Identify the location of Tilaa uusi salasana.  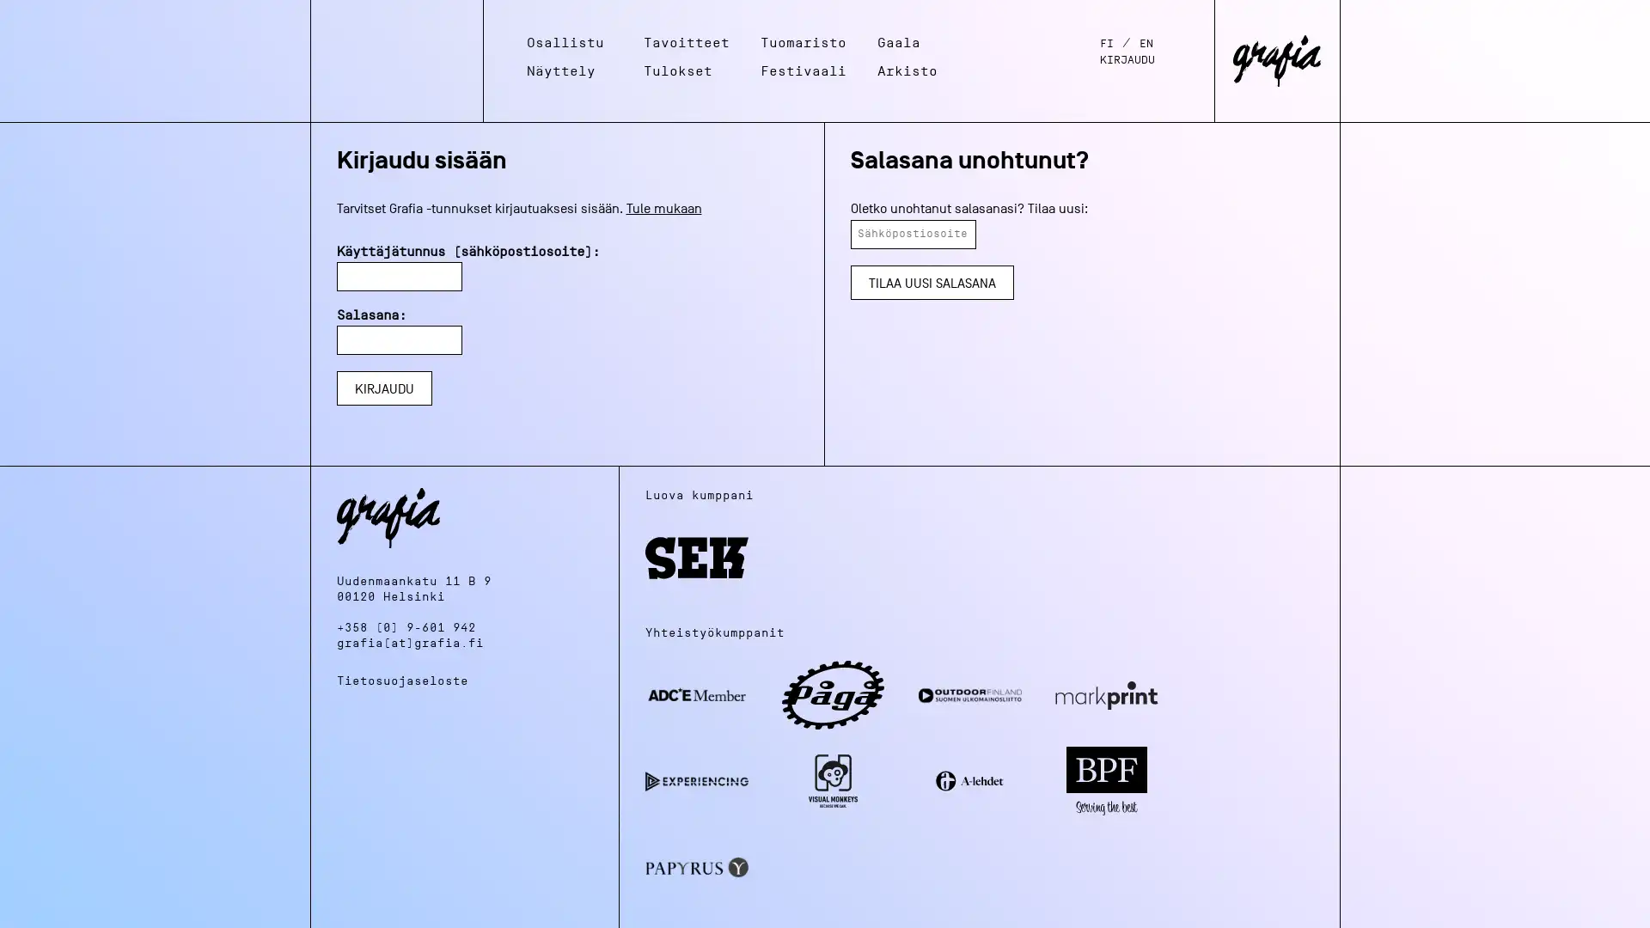
(931, 280).